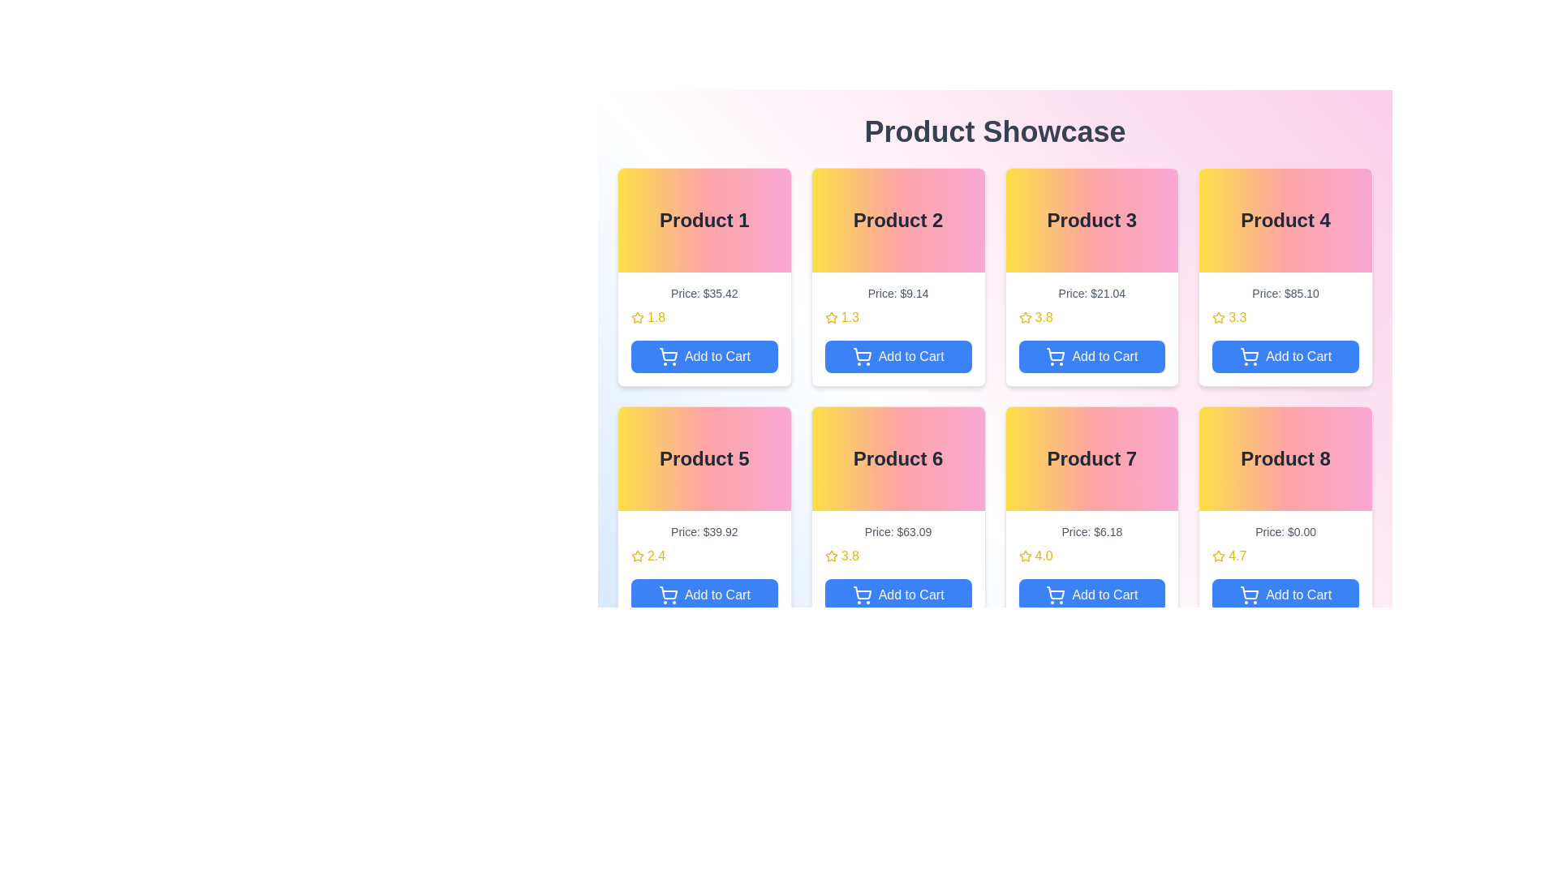  I want to click on the shopping cart icon in the 'Add to Cart' button beneath 'Product 5' to potentially display a tooltip, so click(668, 595).